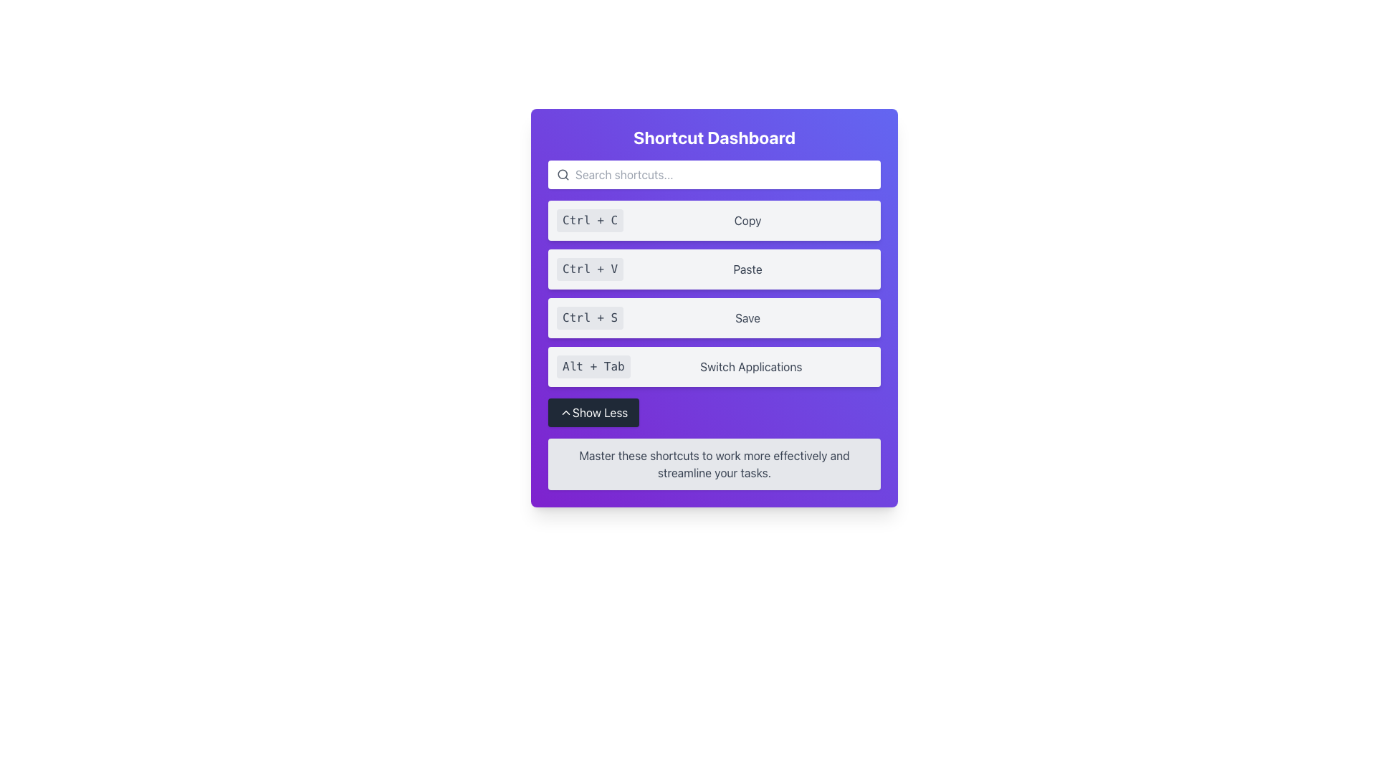 The image size is (1376, 774). What do you see at coordinates (715, 464) in the screenshot?
I see `message displayed in the text block which says 'Master these shortcuts to work more effectively and streamline your tasks.' located at the bottom of the 'Shortcut Dashboard' interface` at bounding box center [715, 464].